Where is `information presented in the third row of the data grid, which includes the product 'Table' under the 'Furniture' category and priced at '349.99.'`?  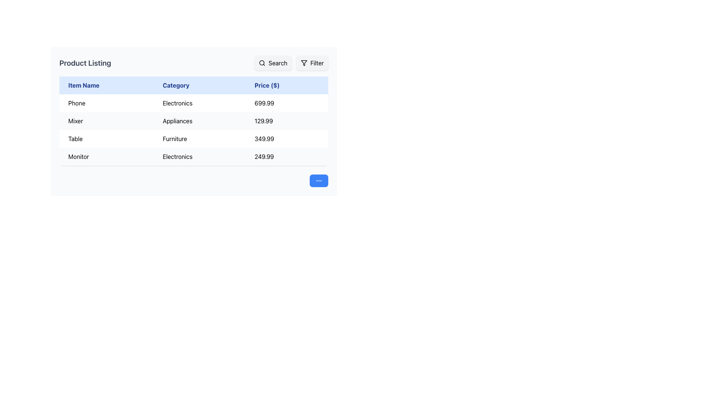
information presented in the third row of the data grid, which includes the product 'Table' under the 'Furniture' category and priced at '349.99.' is located at coordinates (194, 139).